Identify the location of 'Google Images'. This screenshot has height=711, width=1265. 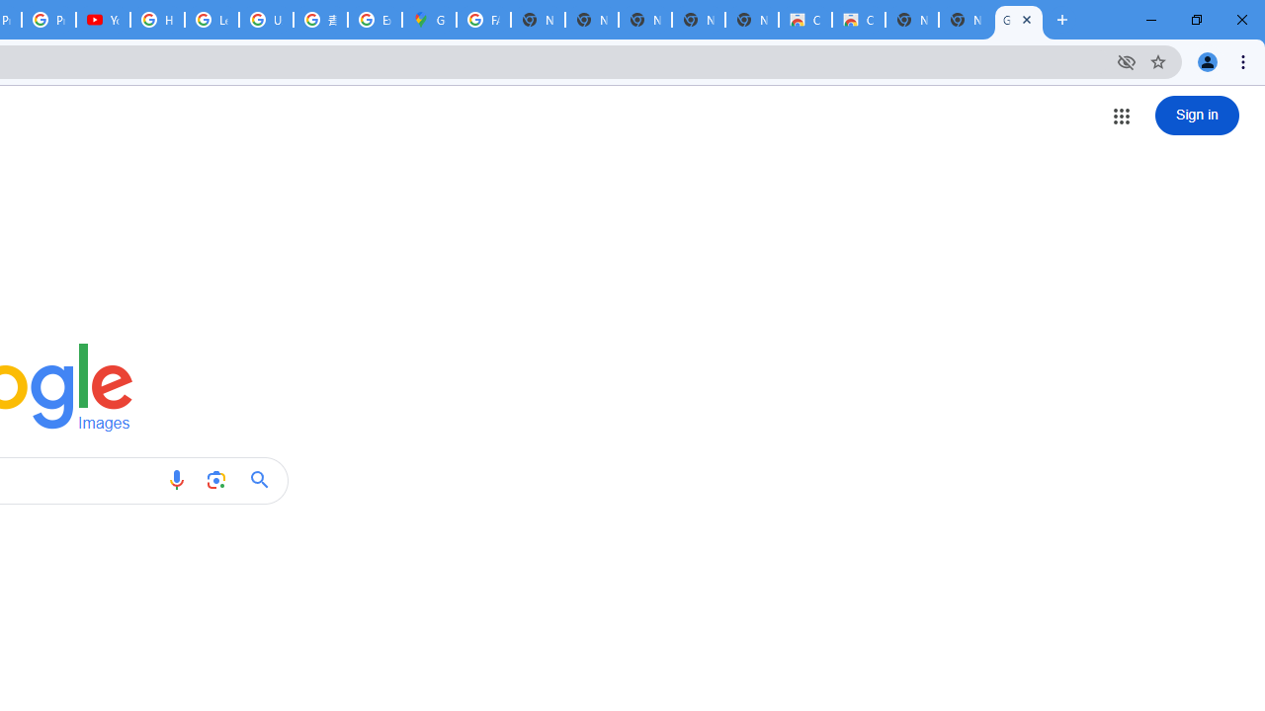
(1019, 20).